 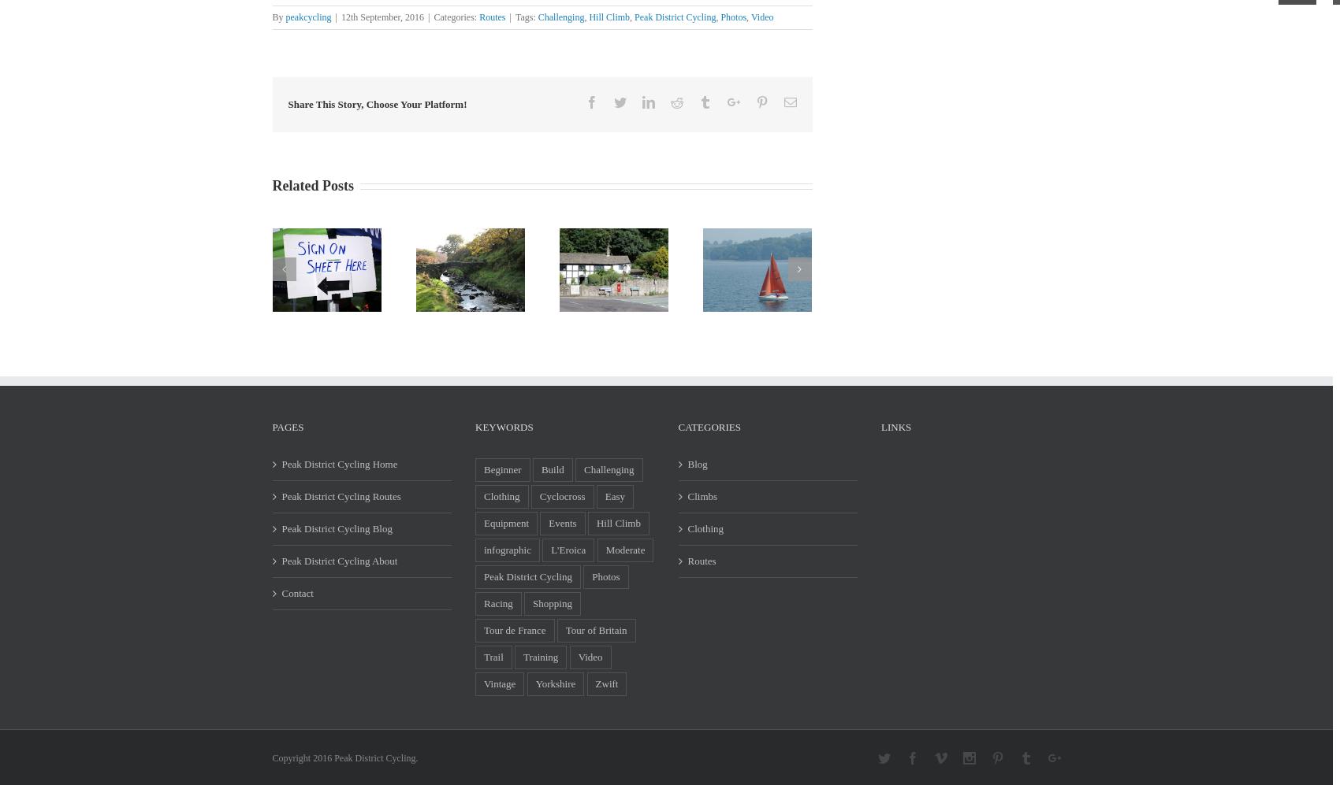 What do you see at coordinates (483, 657) in the screenshot?
I see `'Trail'` at bounding box center [483, 657].